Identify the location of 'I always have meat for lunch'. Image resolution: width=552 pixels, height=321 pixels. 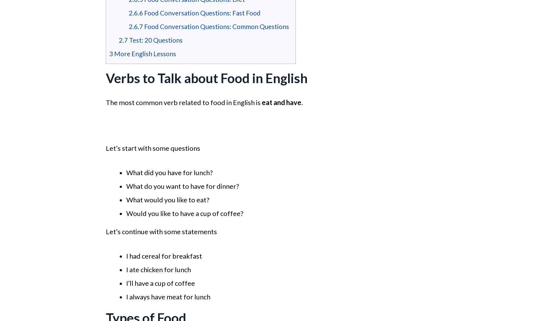
(126, 297).